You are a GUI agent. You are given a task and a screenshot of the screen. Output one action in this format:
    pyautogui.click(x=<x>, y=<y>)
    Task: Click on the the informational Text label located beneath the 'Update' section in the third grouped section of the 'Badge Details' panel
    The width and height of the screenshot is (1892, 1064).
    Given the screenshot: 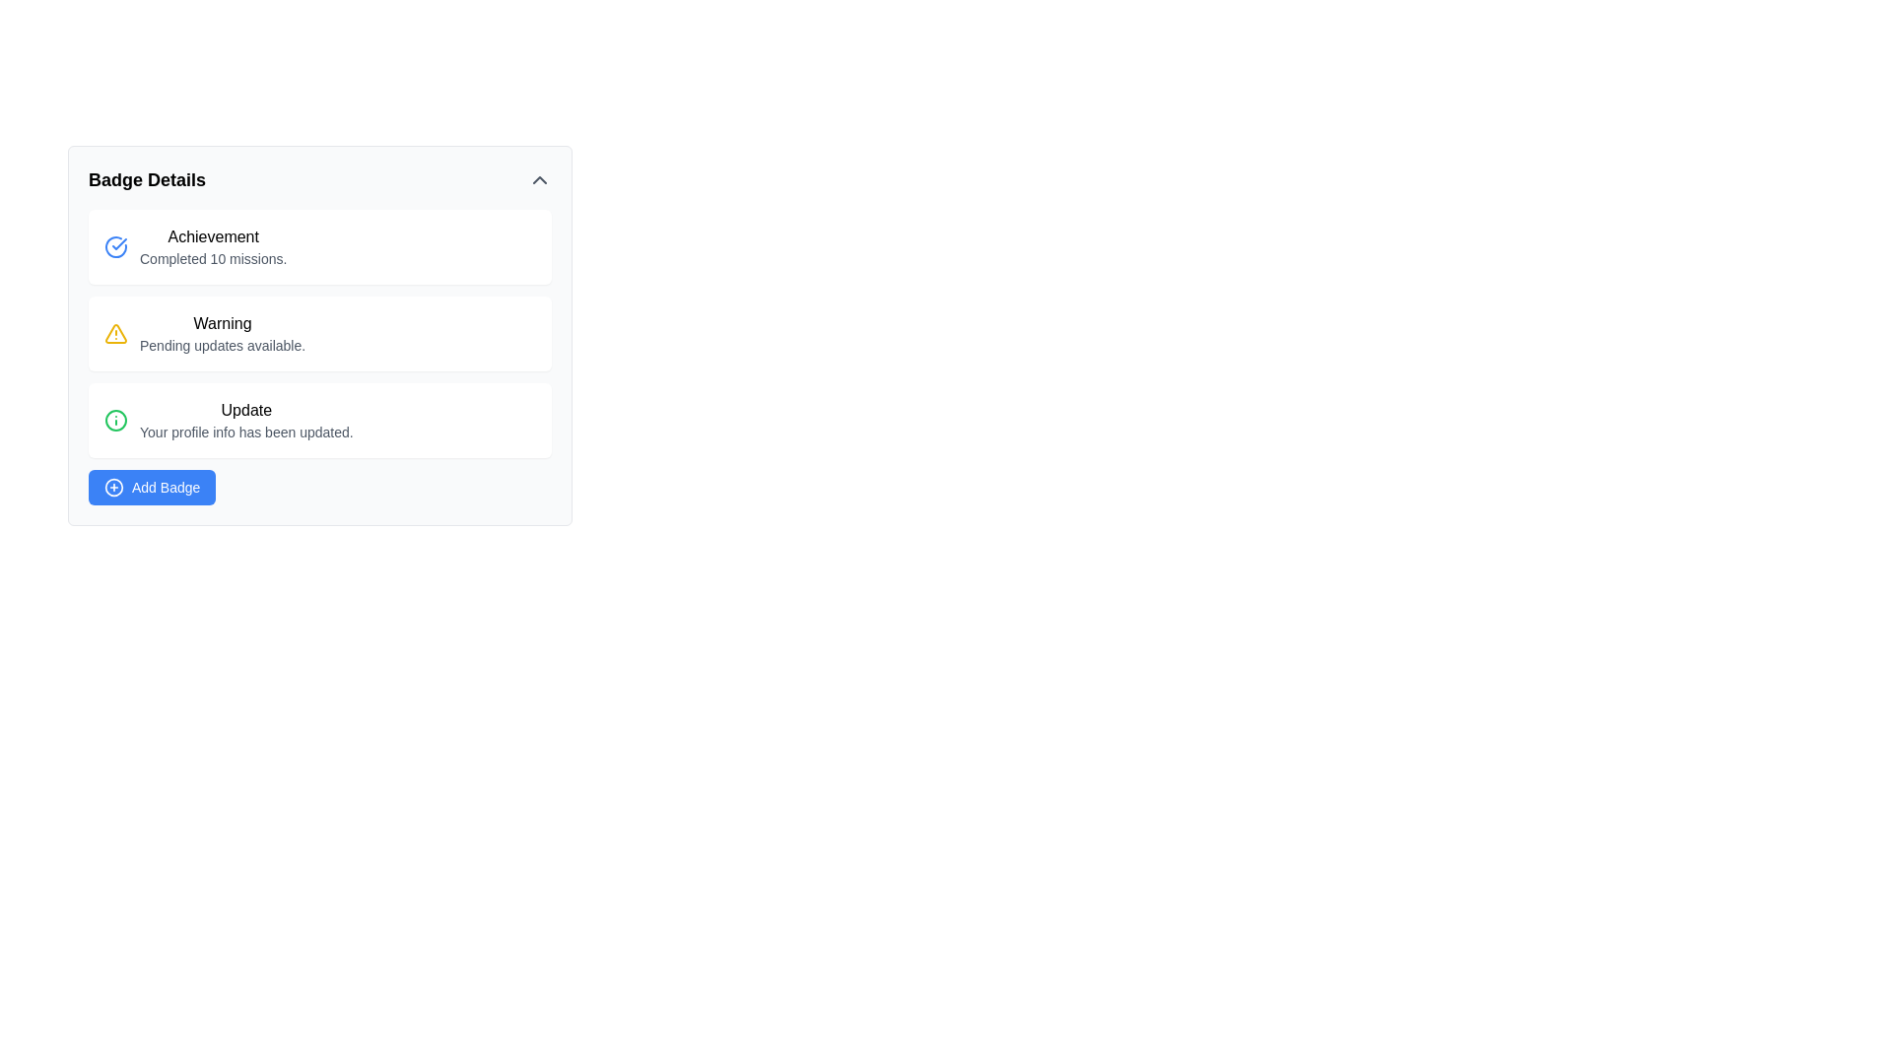 What is the action you would take?
    pyautogui.click(x=245, y=432)
    